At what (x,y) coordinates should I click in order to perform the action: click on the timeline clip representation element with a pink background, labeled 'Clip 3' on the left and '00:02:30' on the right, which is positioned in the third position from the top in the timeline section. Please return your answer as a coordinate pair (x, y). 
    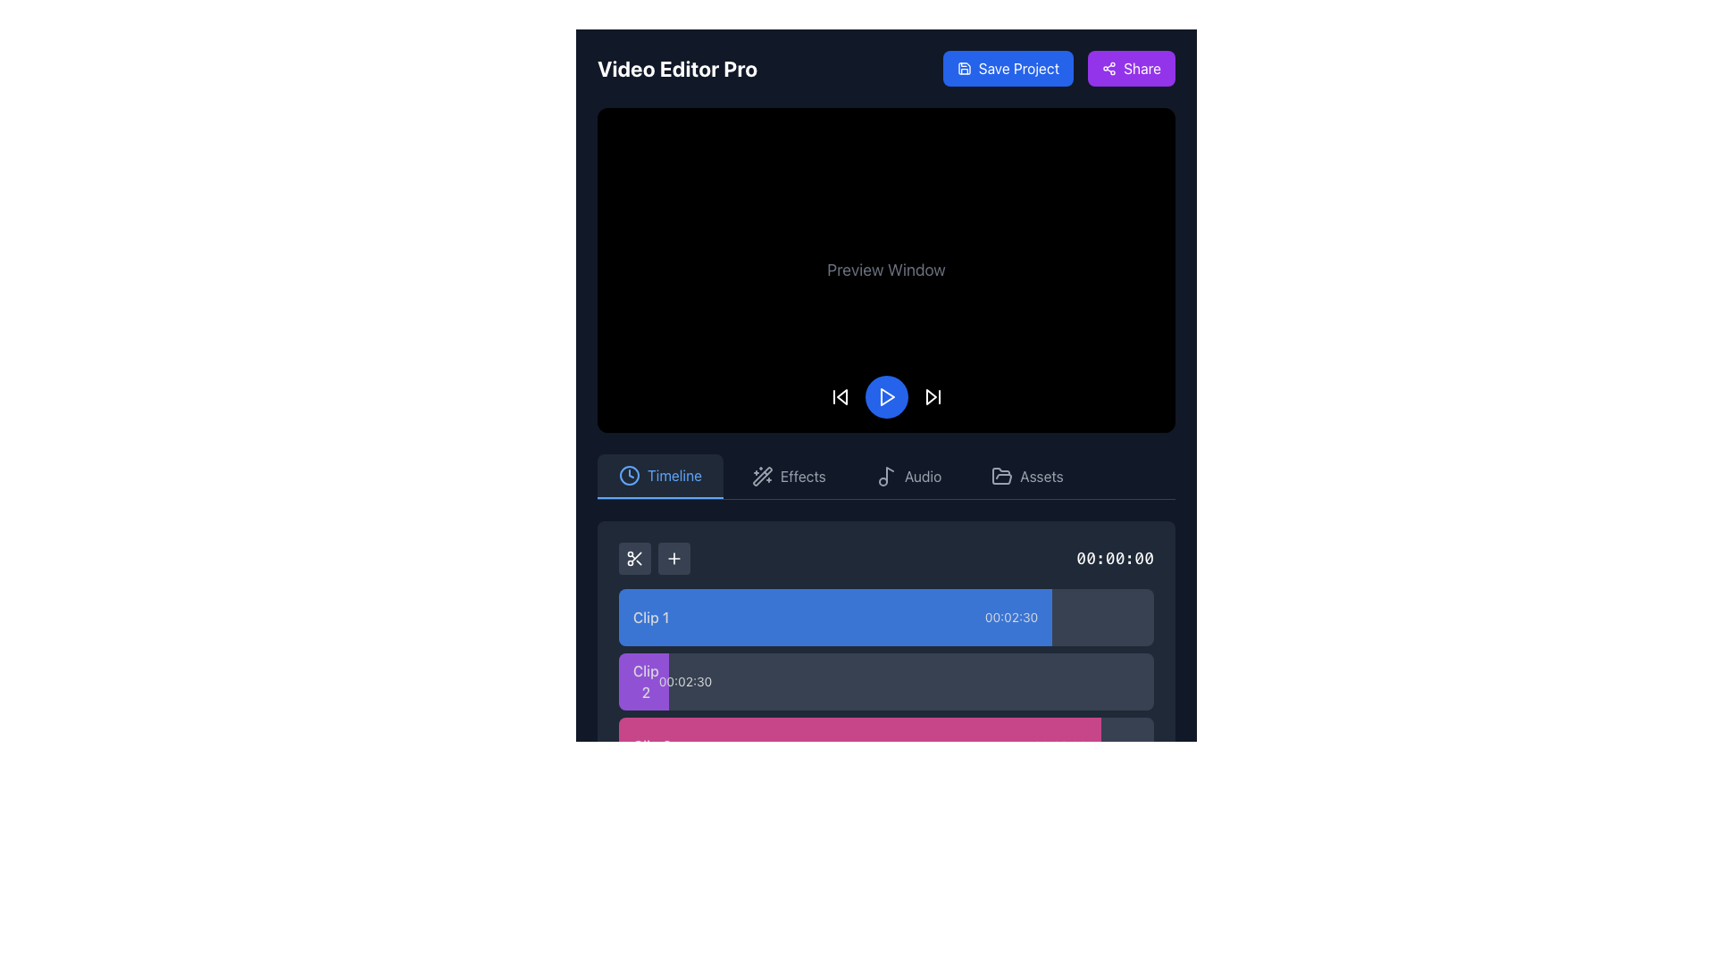
    Looking at the image, I should click on (886, 745).